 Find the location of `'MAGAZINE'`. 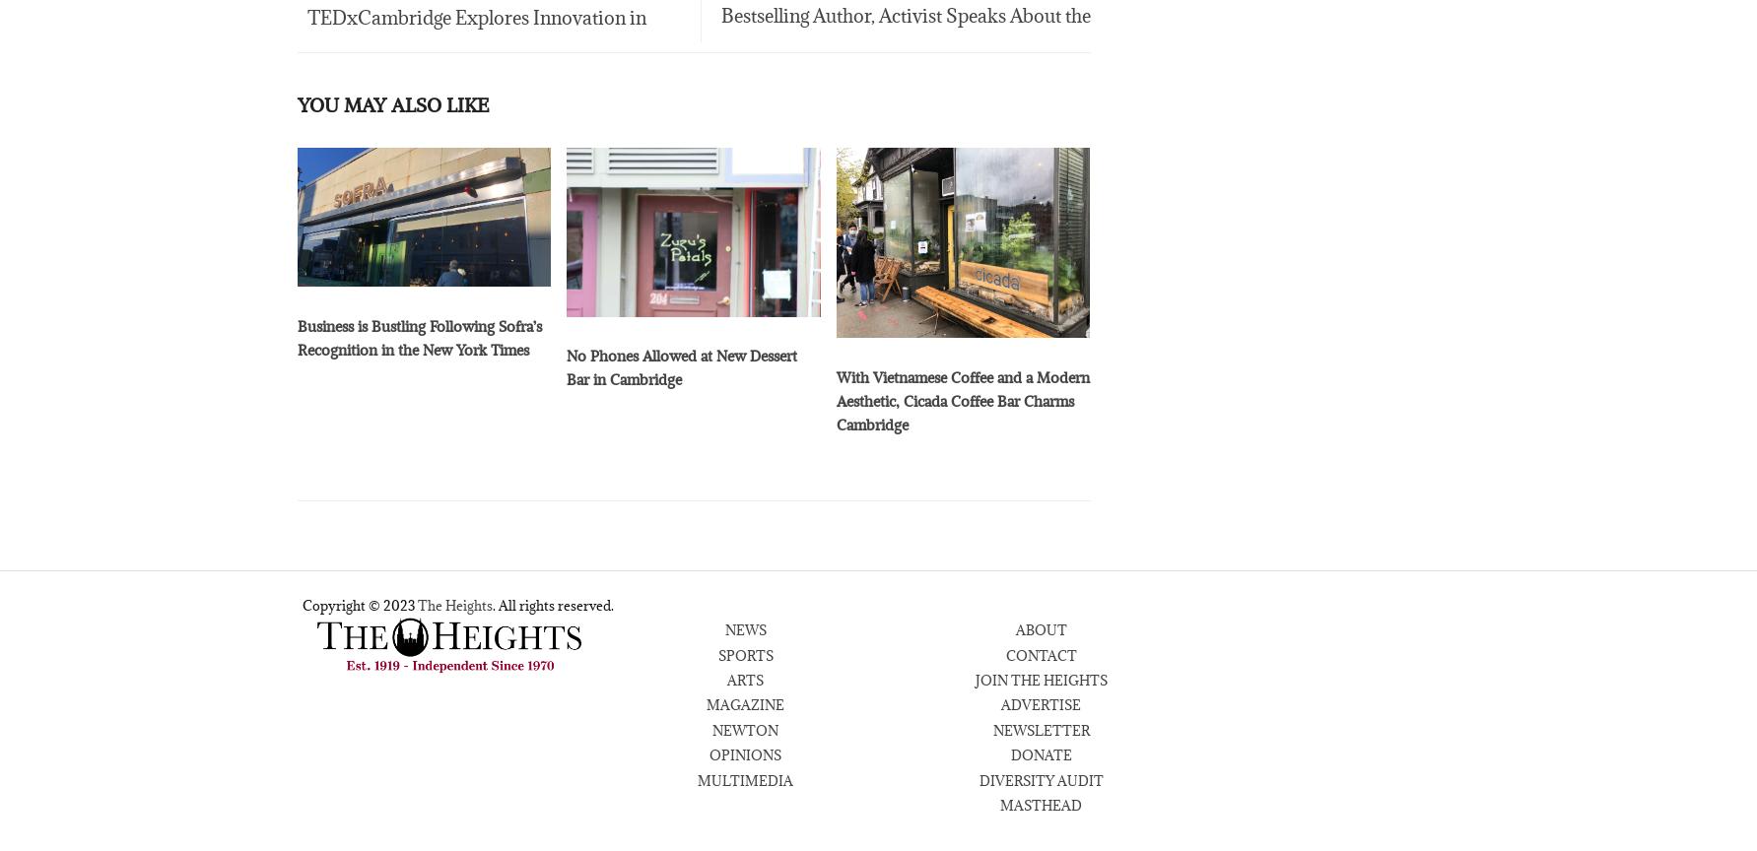

'MAGAZINE' is located at coordinates (705, 708).